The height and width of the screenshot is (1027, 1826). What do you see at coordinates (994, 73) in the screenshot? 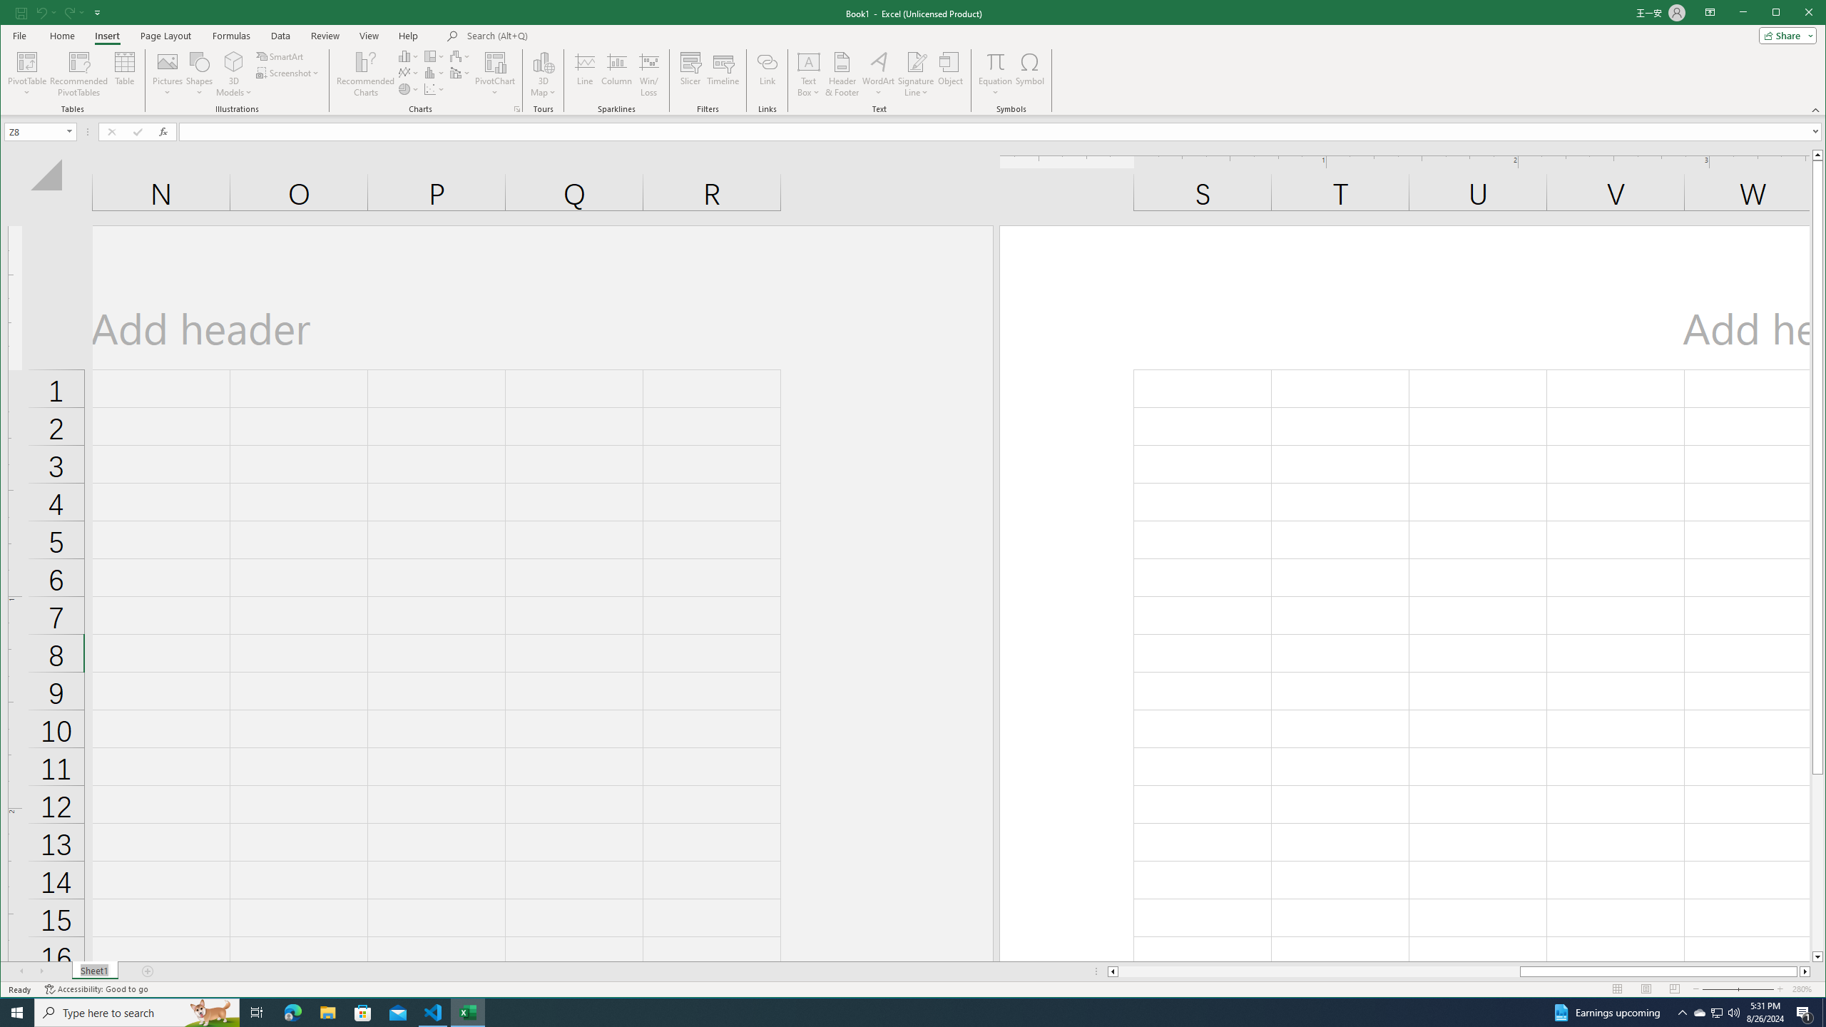
I see `'Equation'` at bounding box center [994, 73].